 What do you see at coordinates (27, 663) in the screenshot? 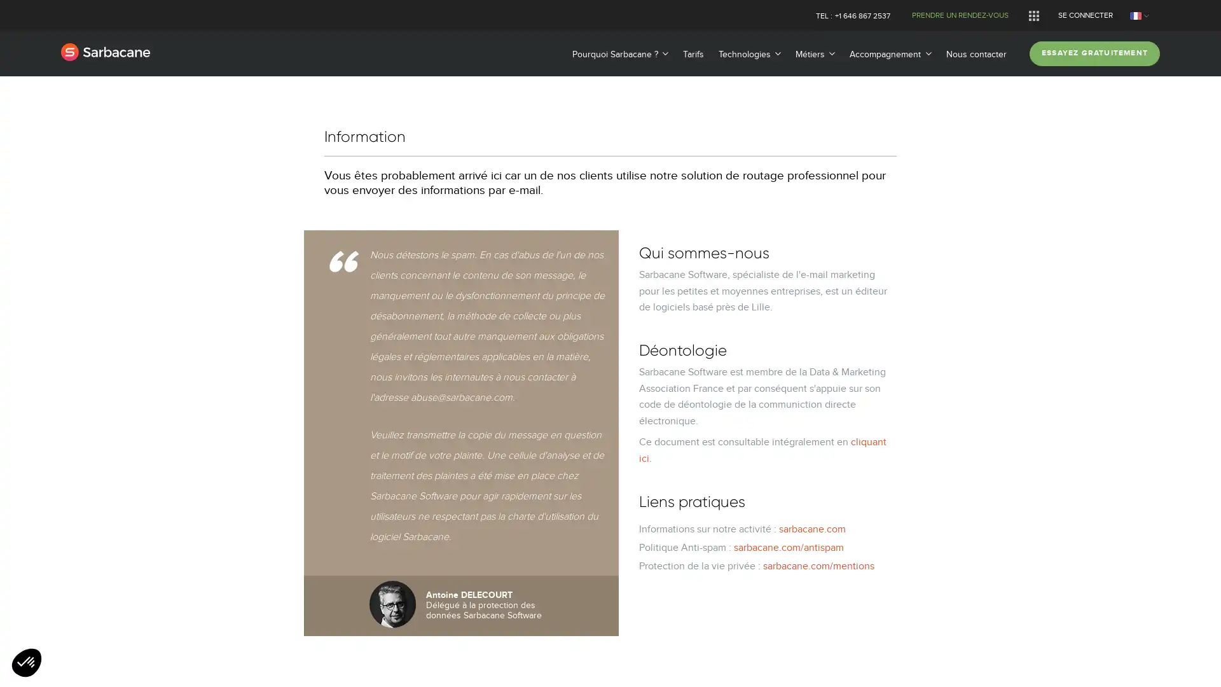
I see `Manage your preferences about cookies` at bounding box center [27, 663].